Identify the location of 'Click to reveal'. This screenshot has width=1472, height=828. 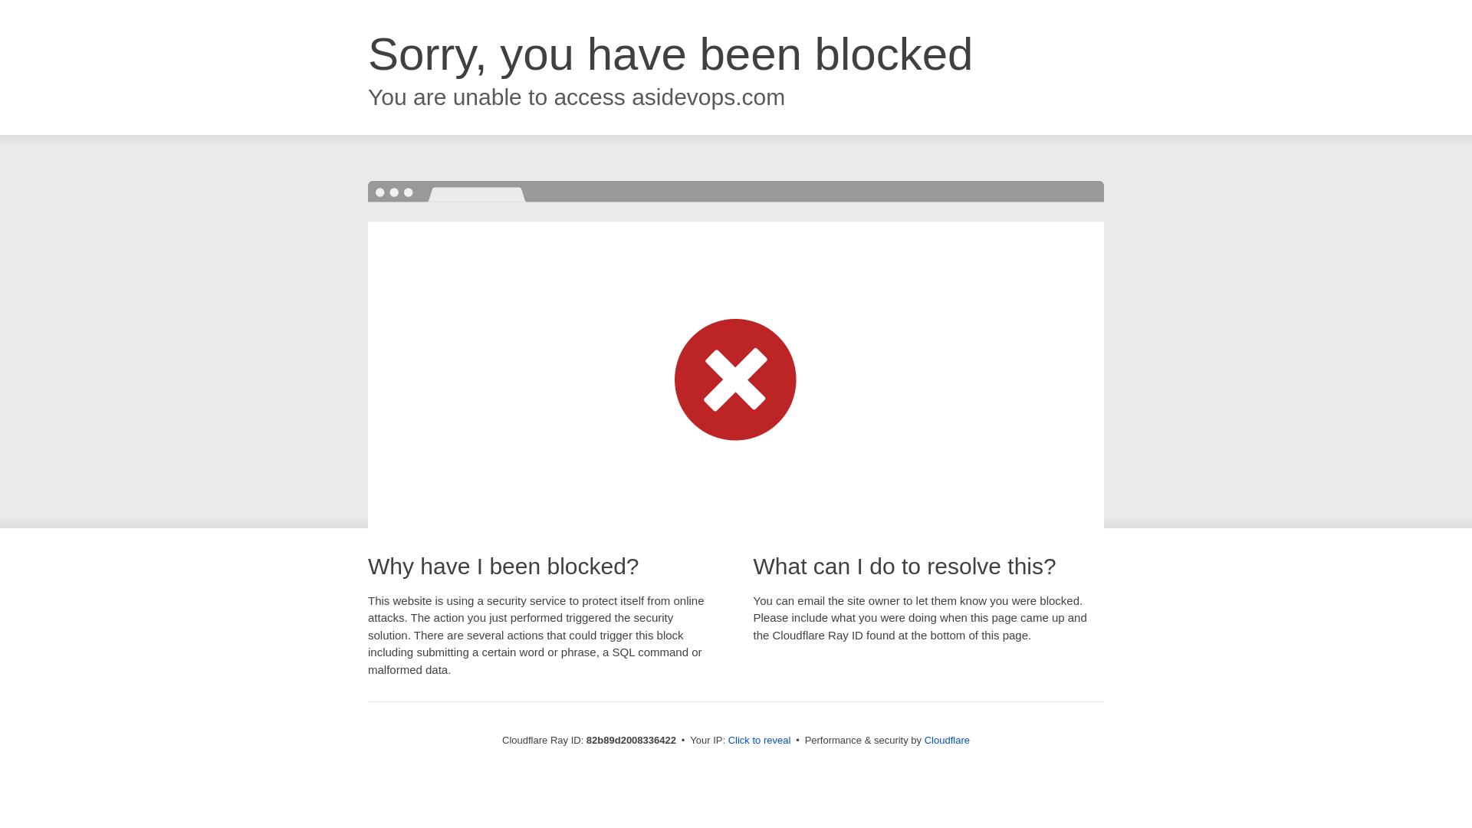
(759, 739).